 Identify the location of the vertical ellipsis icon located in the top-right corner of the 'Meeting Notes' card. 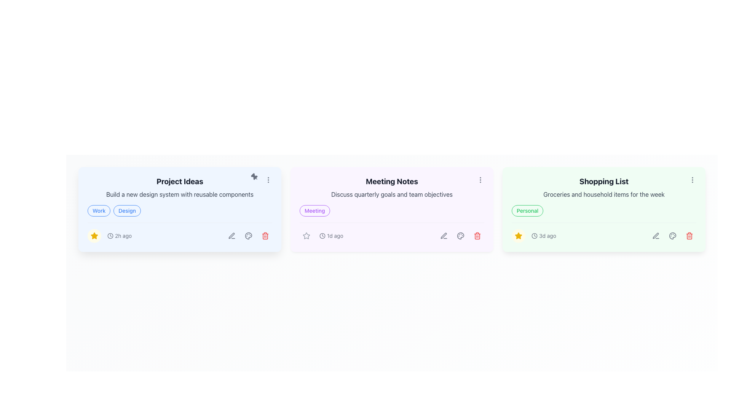
(480, 180).